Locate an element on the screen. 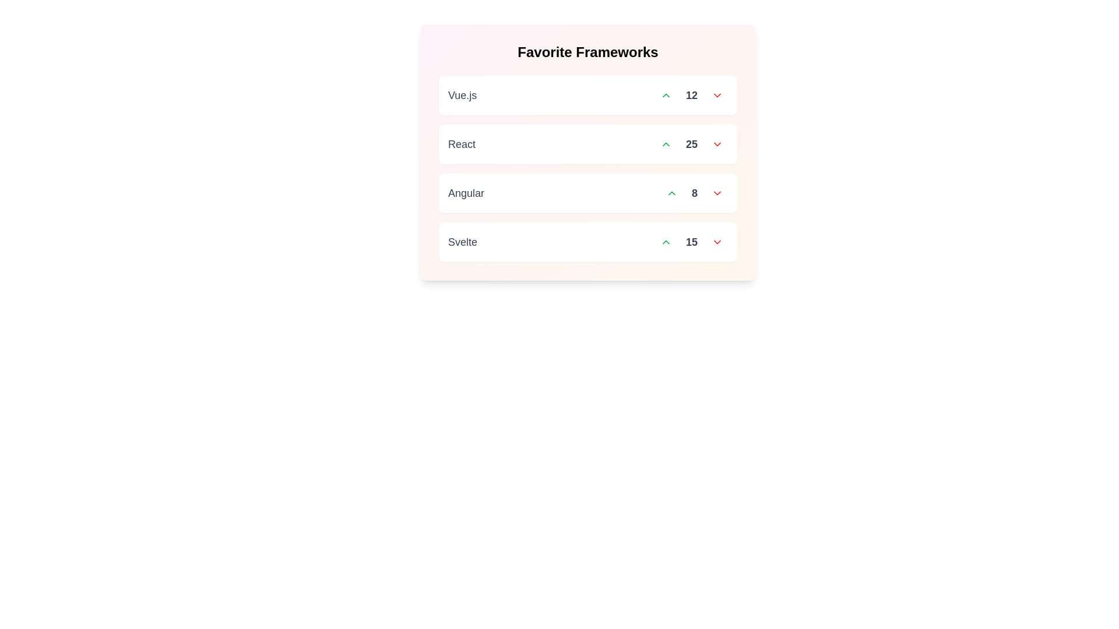 The width and height of the screenshot is (1119, 629). upvote button for the item Vue.js is located at coordinates (666, 95).